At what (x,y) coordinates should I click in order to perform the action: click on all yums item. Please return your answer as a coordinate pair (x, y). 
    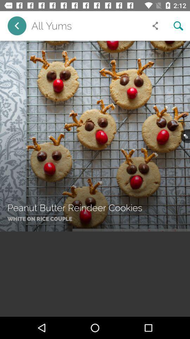
    Looking at the image, I should click on (87, 26).